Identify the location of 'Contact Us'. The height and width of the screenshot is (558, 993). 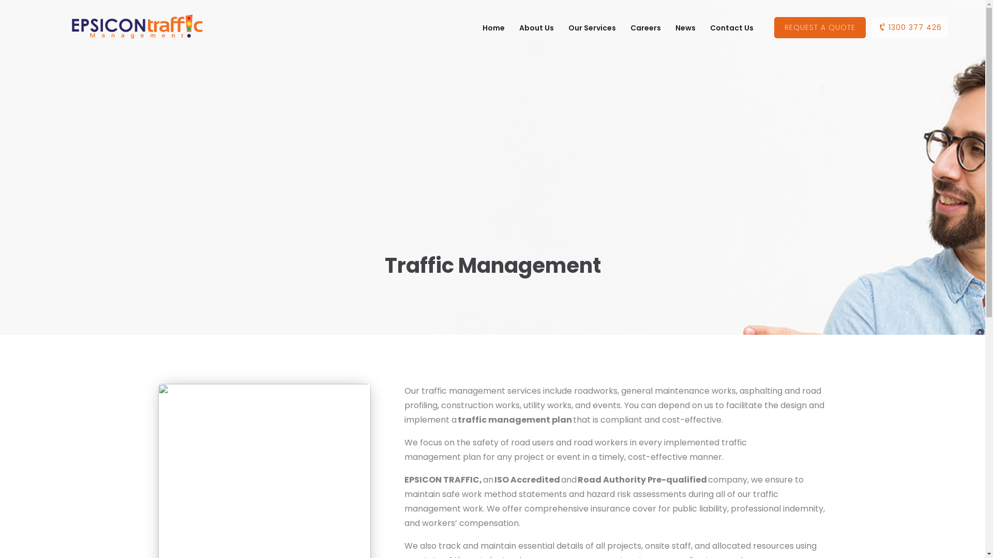
(731, 27).